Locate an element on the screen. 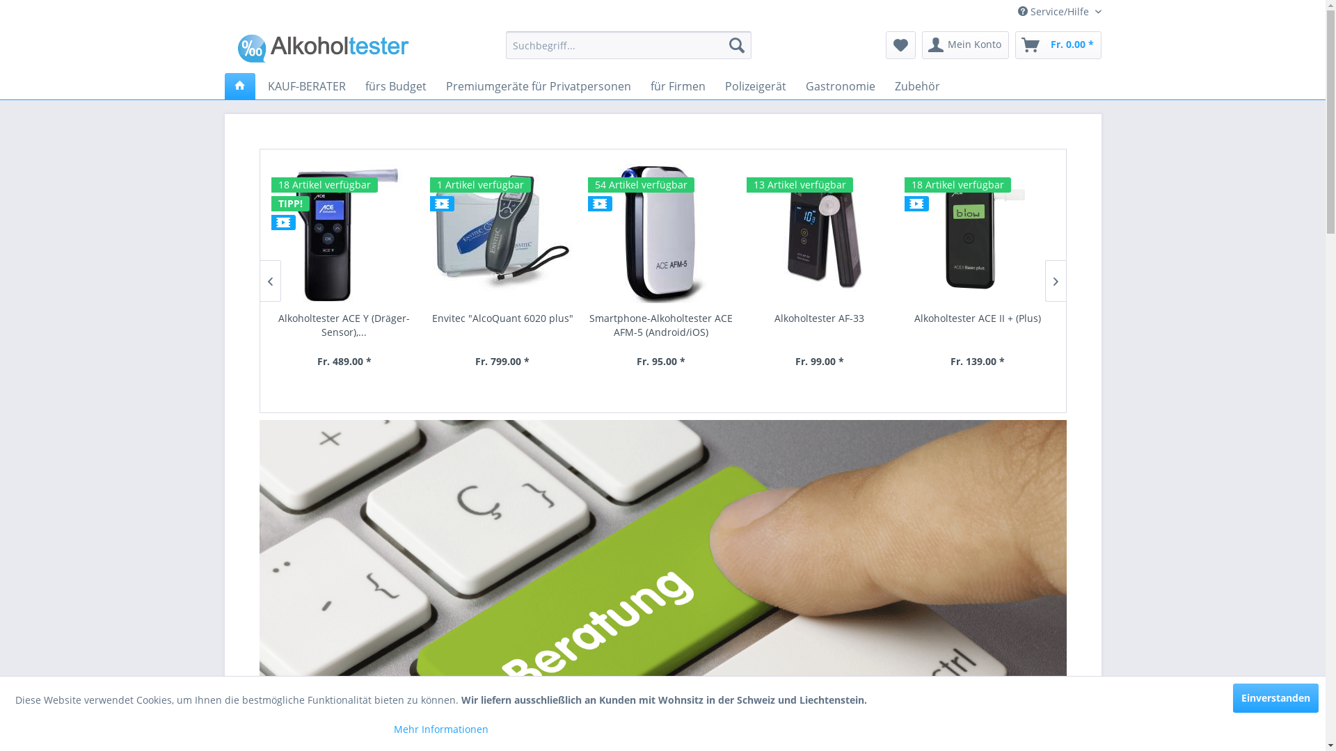 The width and height of the screenshot is (1336, 751). 'Fr. 0.00 *' is located at coordinates (1058, 45).